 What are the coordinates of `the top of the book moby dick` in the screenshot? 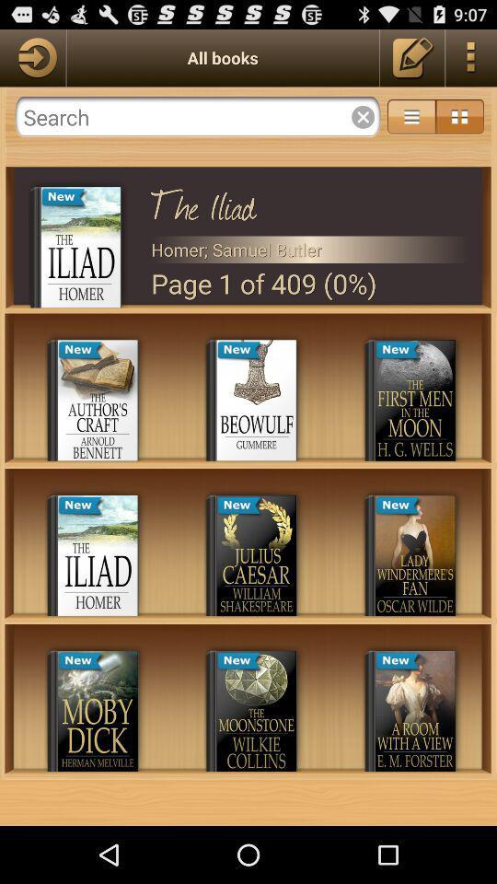 It's located at (80, 662).